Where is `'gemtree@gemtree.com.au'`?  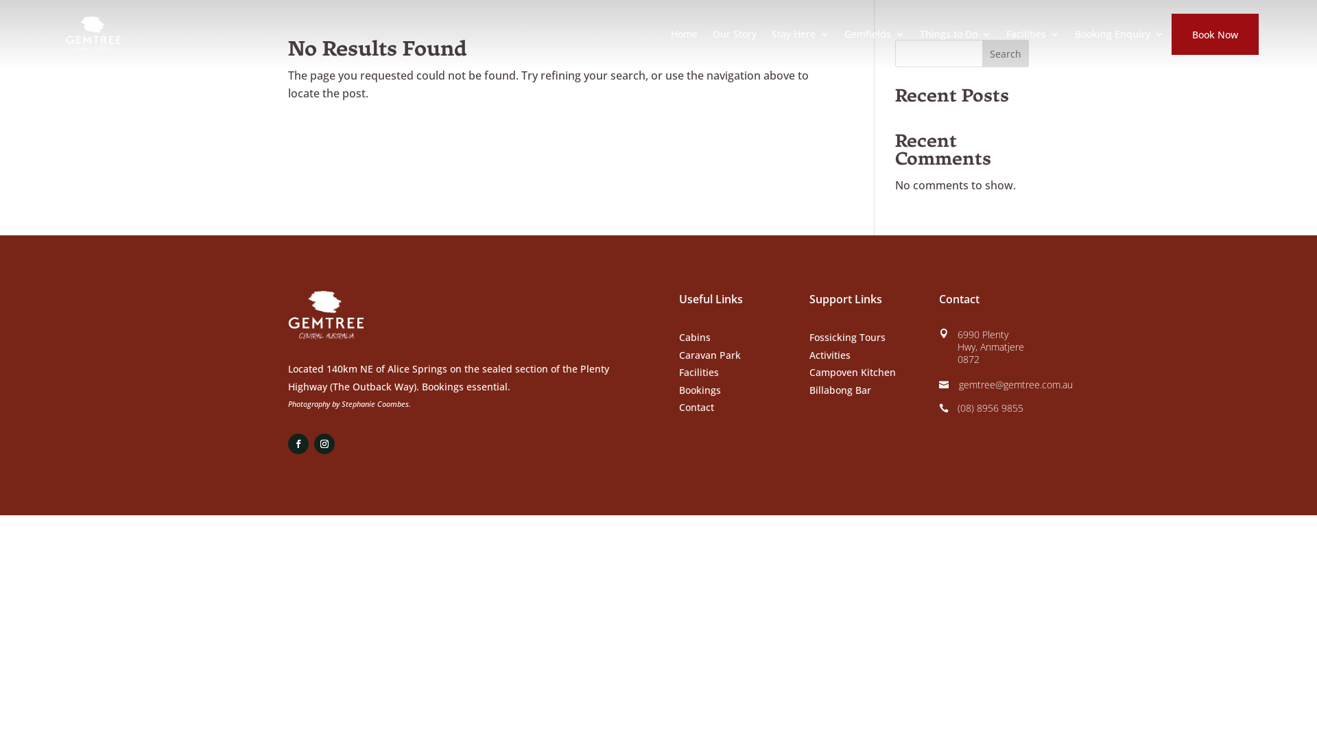 'gemtree@gemtree.com.au' is located at coordinates (1016, 384).